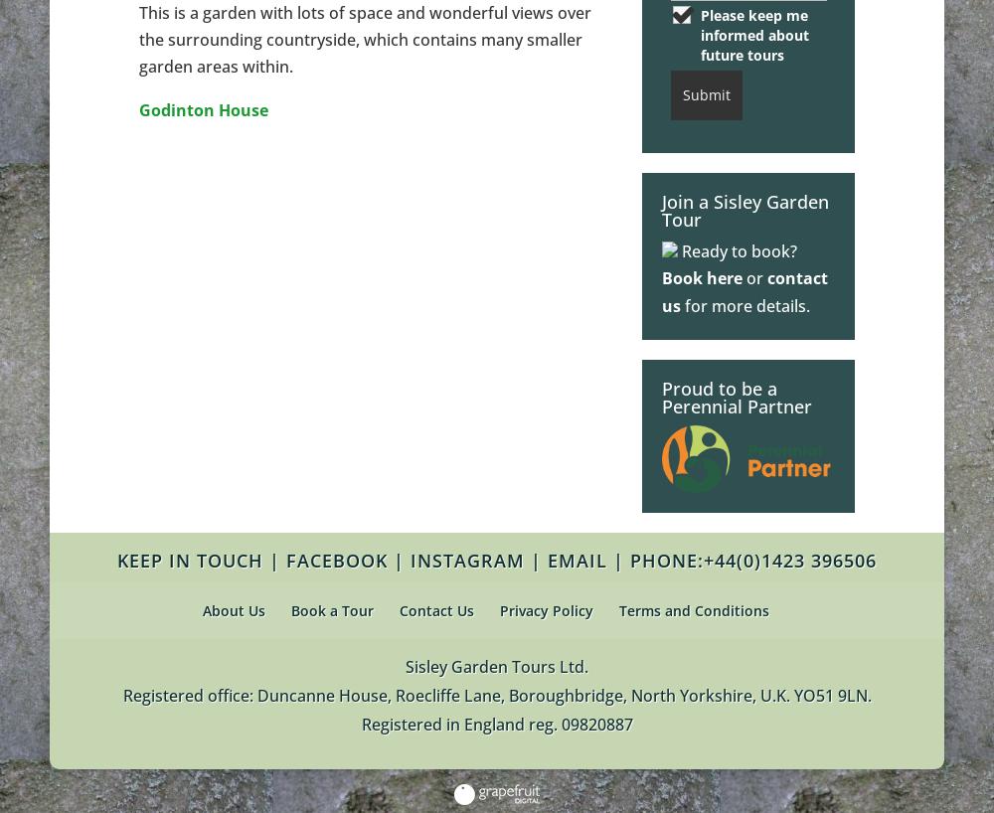 Image resolution: width=994 pixels, height=813 pixels. Describe the element at coordinates (139, 39) in the screenshot. I see `'This is a garden with lots of space and wonderful views over the surrounding countryside, which contains many smaller garden areas within.'` at that location.